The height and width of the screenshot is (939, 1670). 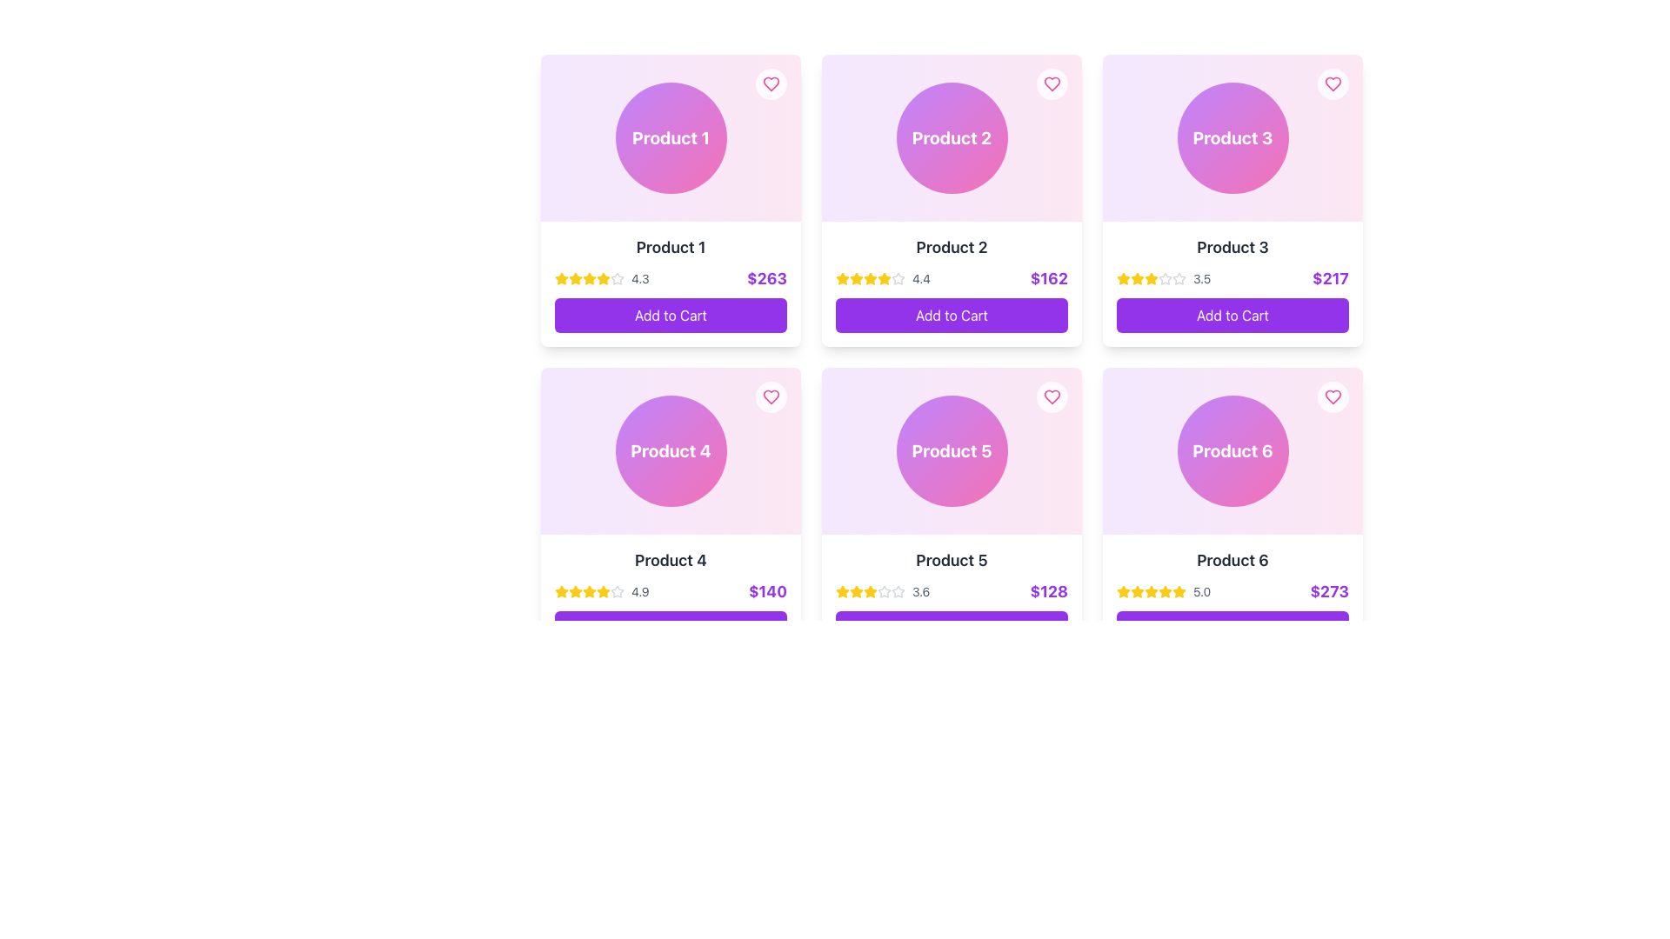 What do you see at coordinates (604, 277) in the screenshot?
I see `the fifth star in the row of rating stars under the product name 'Product 1' in the first card of the grid layout` at bounding box center [604, 277].